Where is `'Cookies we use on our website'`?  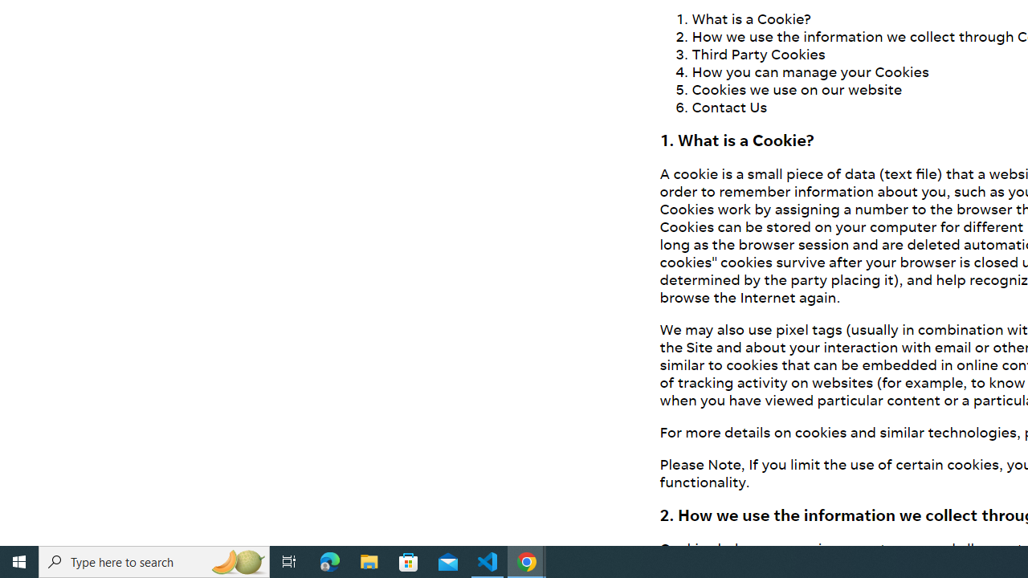
'Cookies we use on our website' is located at coordinates (797, 88).